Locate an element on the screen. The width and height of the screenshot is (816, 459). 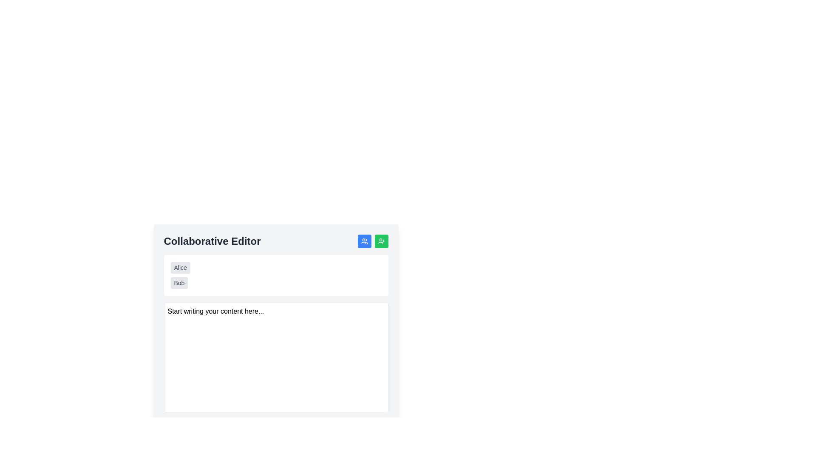
text label displaying the name 'Bob', which is located below the text label for 'Alice' in the 'Collaborative Editor' section is located at coordinates (179, 283).